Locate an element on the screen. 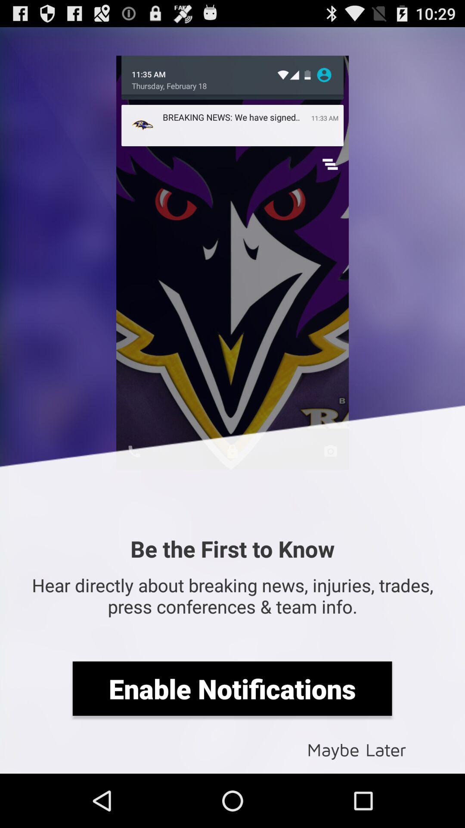 This screenshot has width=465, height=828. the maybe later item is located at coordinates (356, 749).